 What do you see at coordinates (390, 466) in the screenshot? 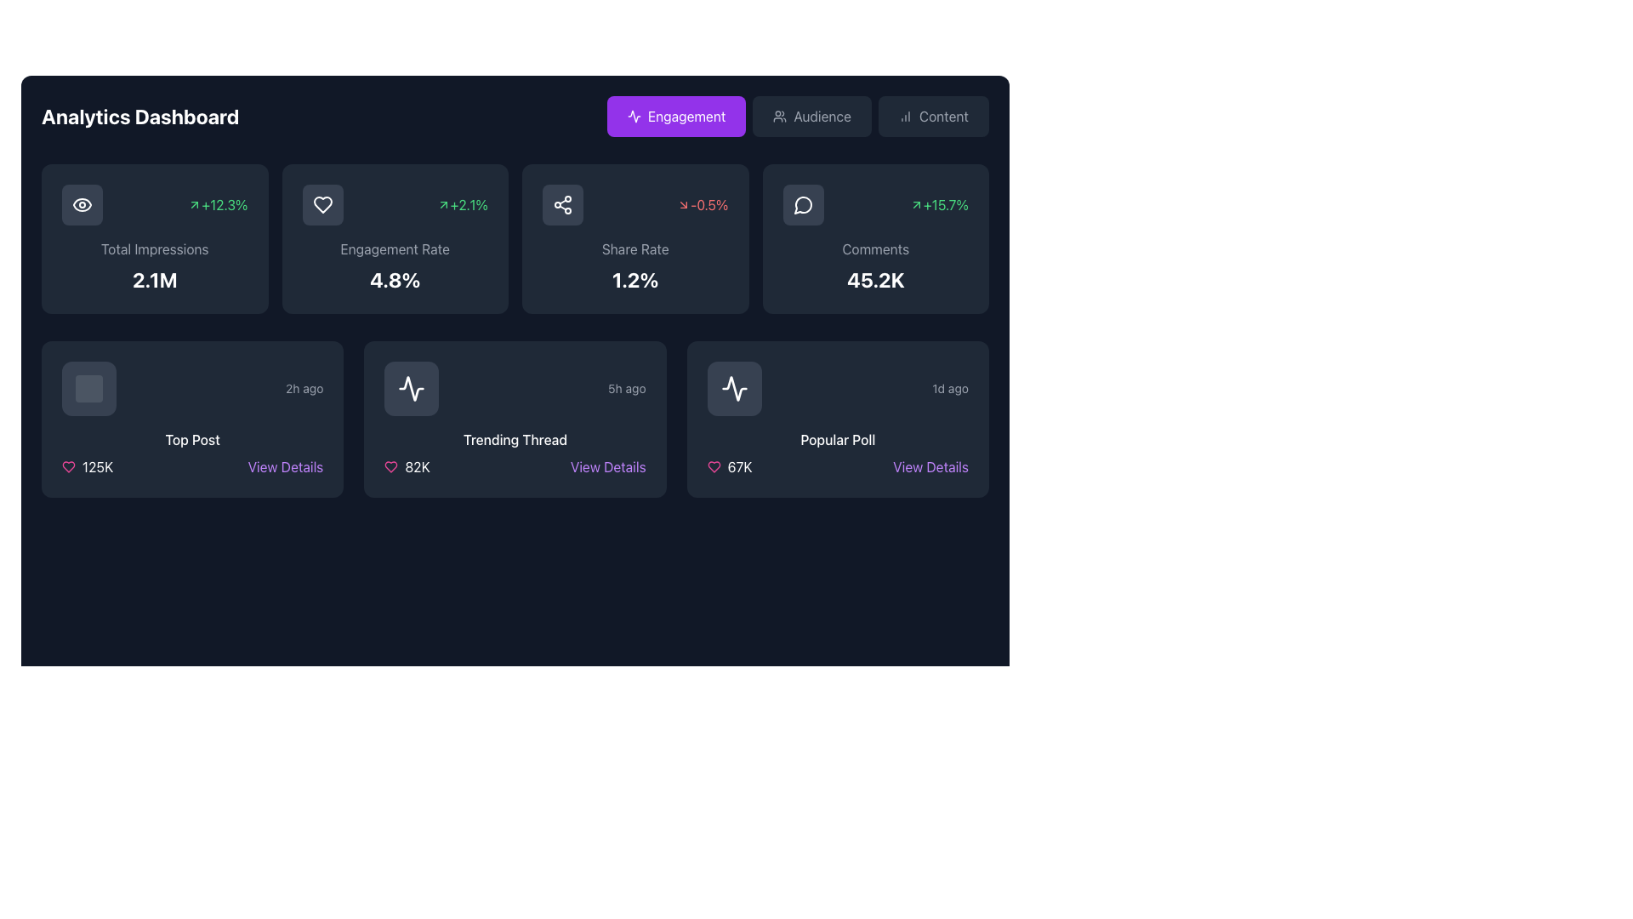
I see `the 'like' icon, which is the leftmost element in a horizontal group located directly to the left of the text '82K'` at bounding box center [390, 466].